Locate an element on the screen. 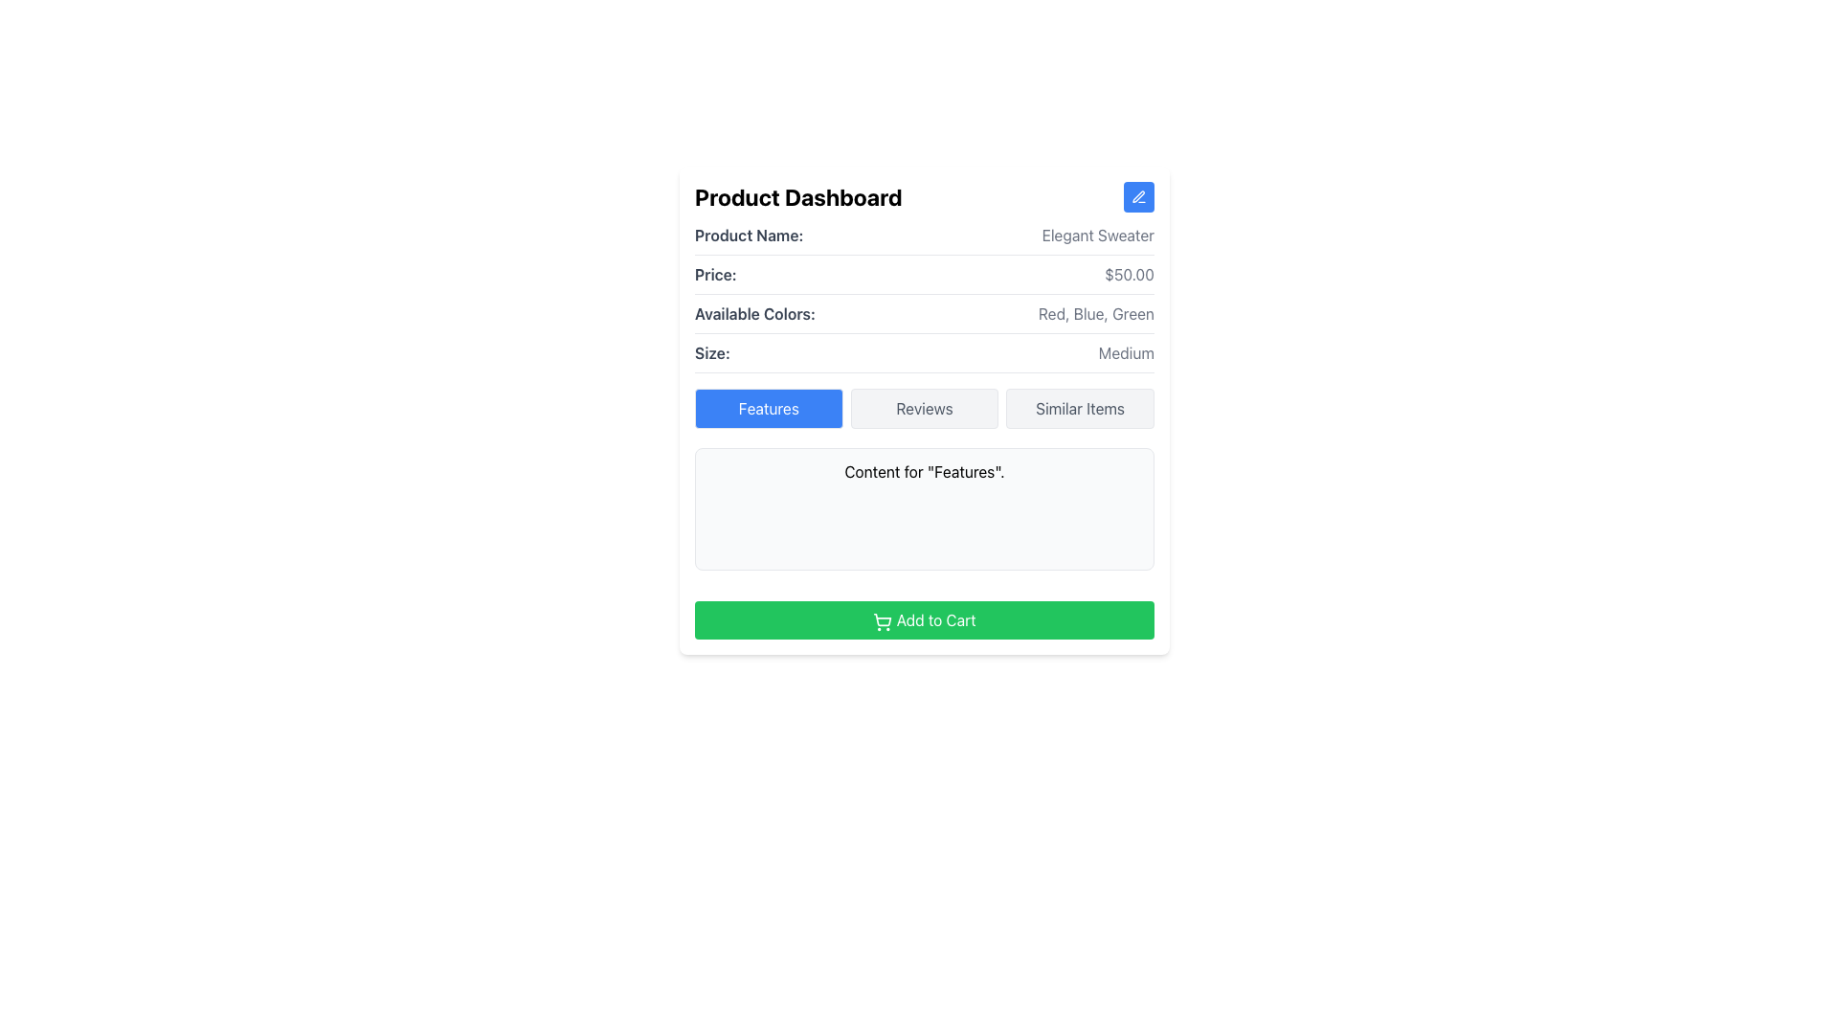  the static text element displaying 'Elegant Sweater', which is located adjacent to the label 'Product Name:' is located at coordinates (1098, 235).